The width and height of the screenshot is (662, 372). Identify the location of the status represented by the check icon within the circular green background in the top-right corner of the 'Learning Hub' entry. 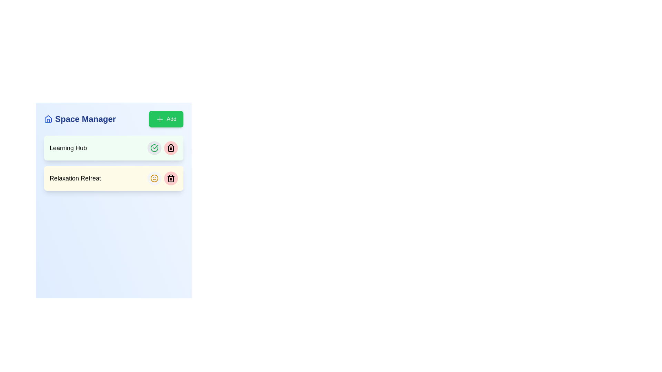
(154, 147).